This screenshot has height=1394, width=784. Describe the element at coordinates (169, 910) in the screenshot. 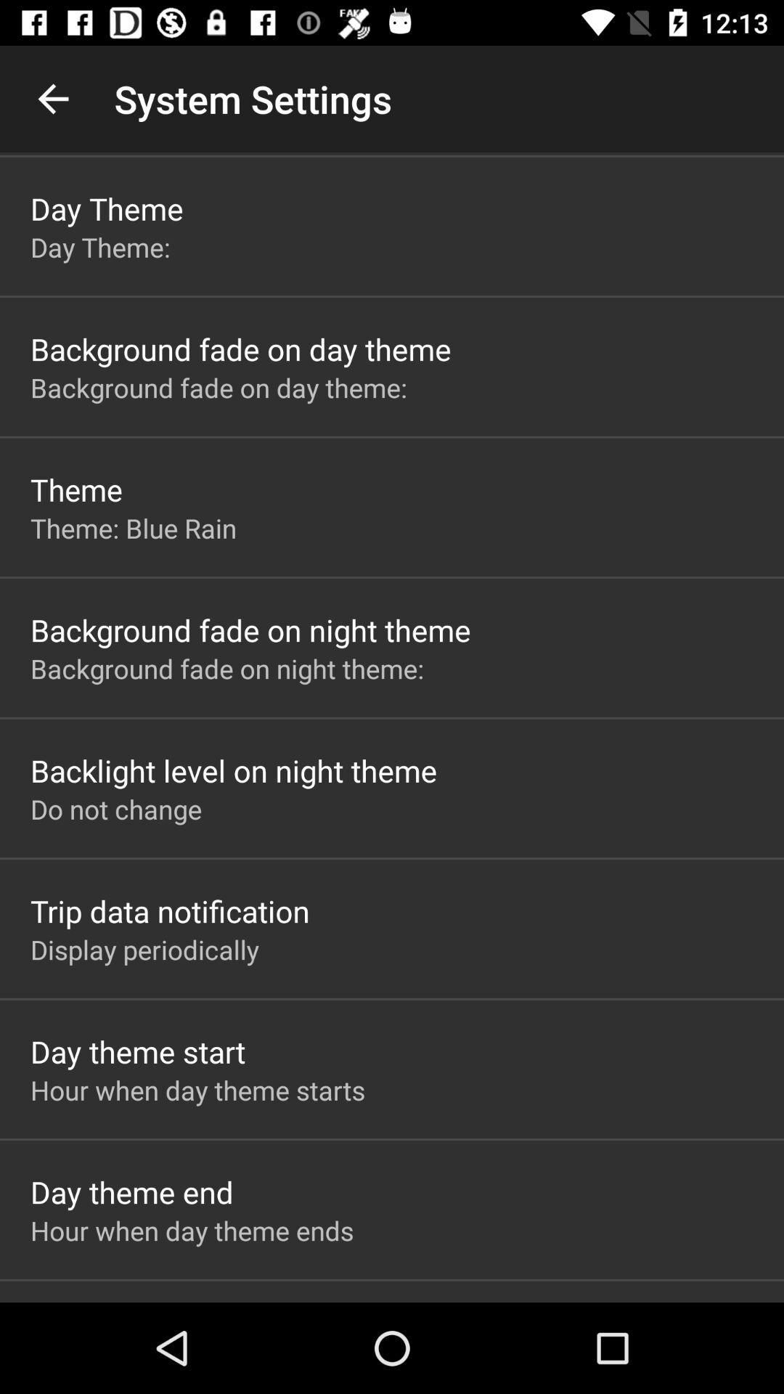

I see `icon below do not change icon` at that location.